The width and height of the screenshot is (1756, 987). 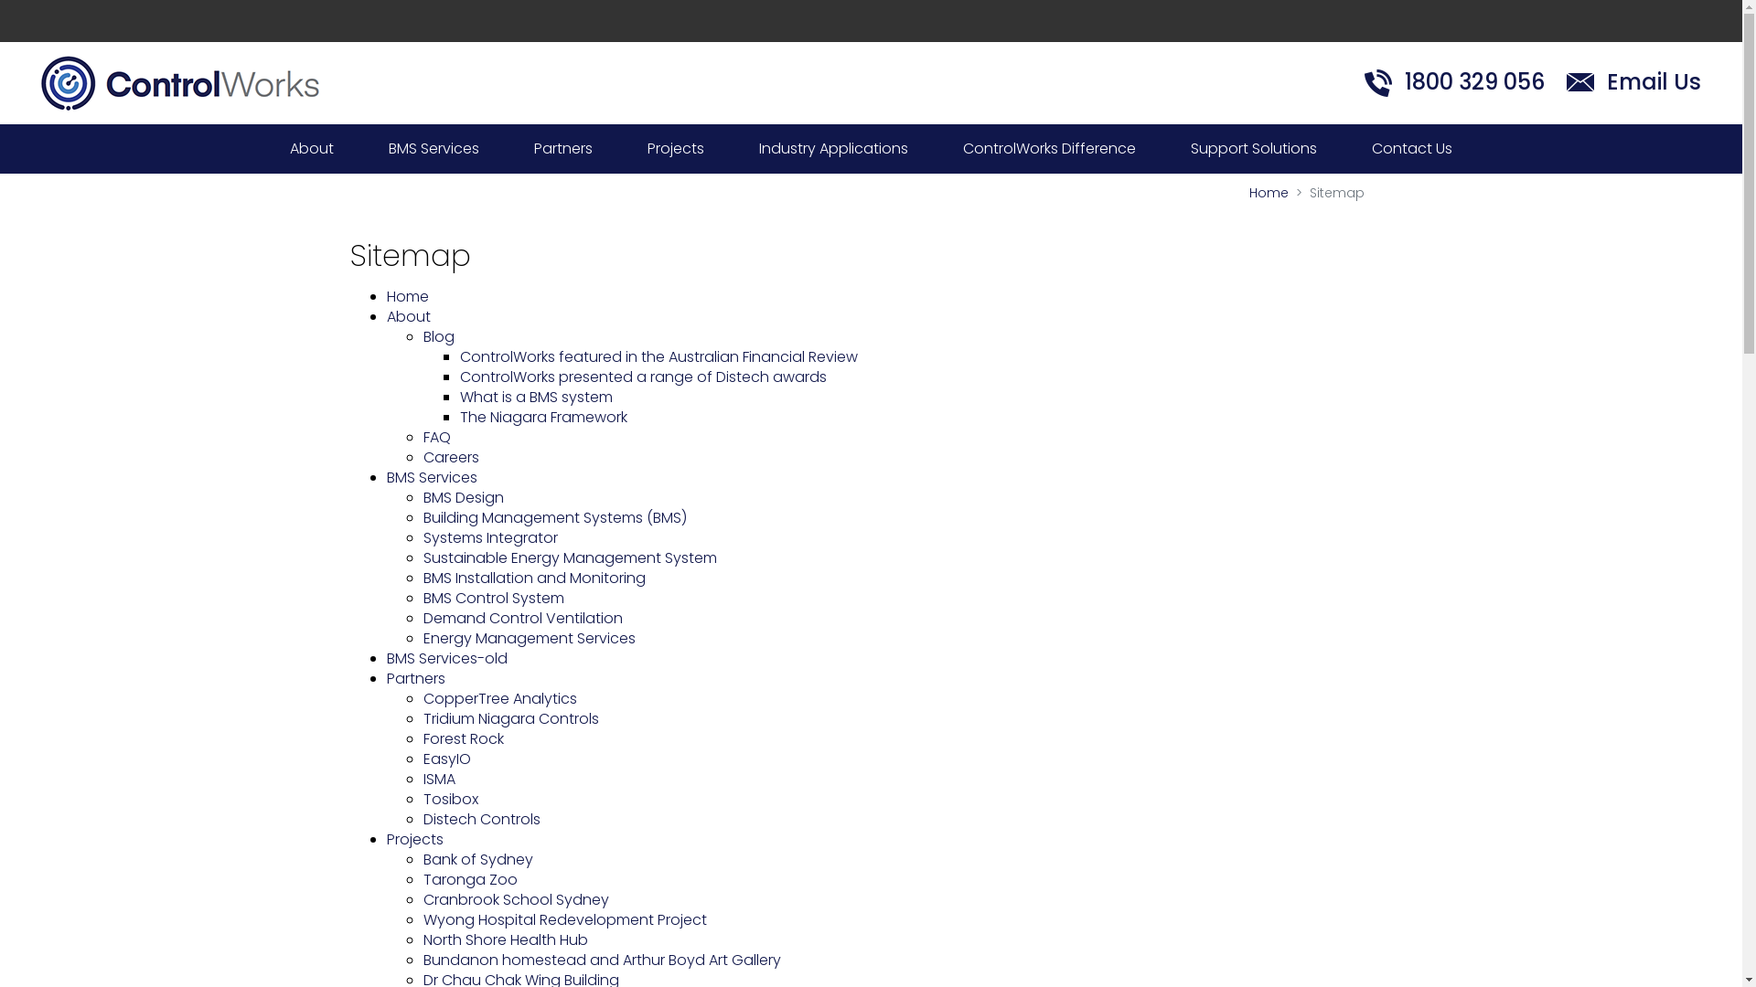 What do you see at coordinates (421, 779) in the screenshot?
I see `'ISMA'` at bounding box center [421, 779].